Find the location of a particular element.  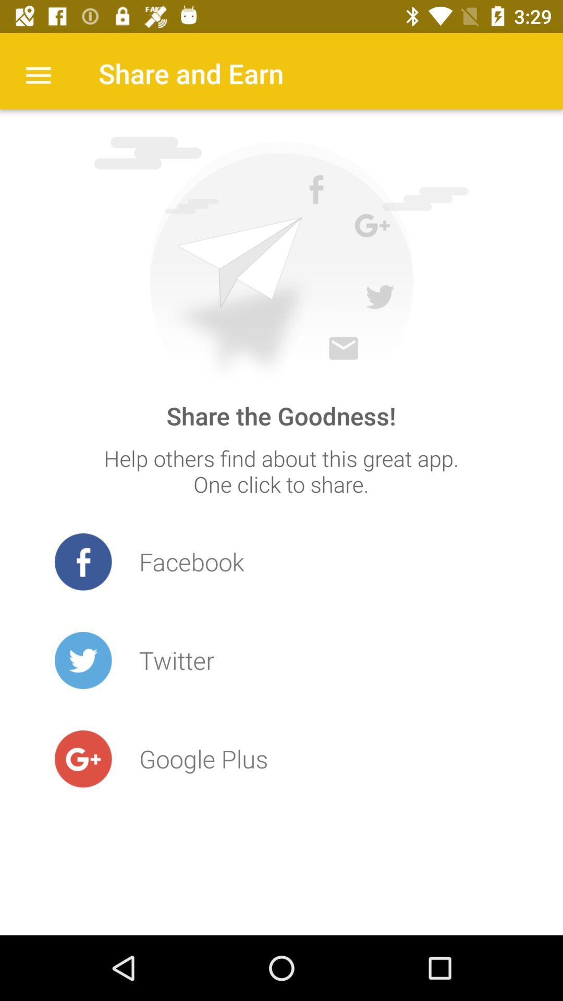

the share and earn item is located at coordinates (191, 72).